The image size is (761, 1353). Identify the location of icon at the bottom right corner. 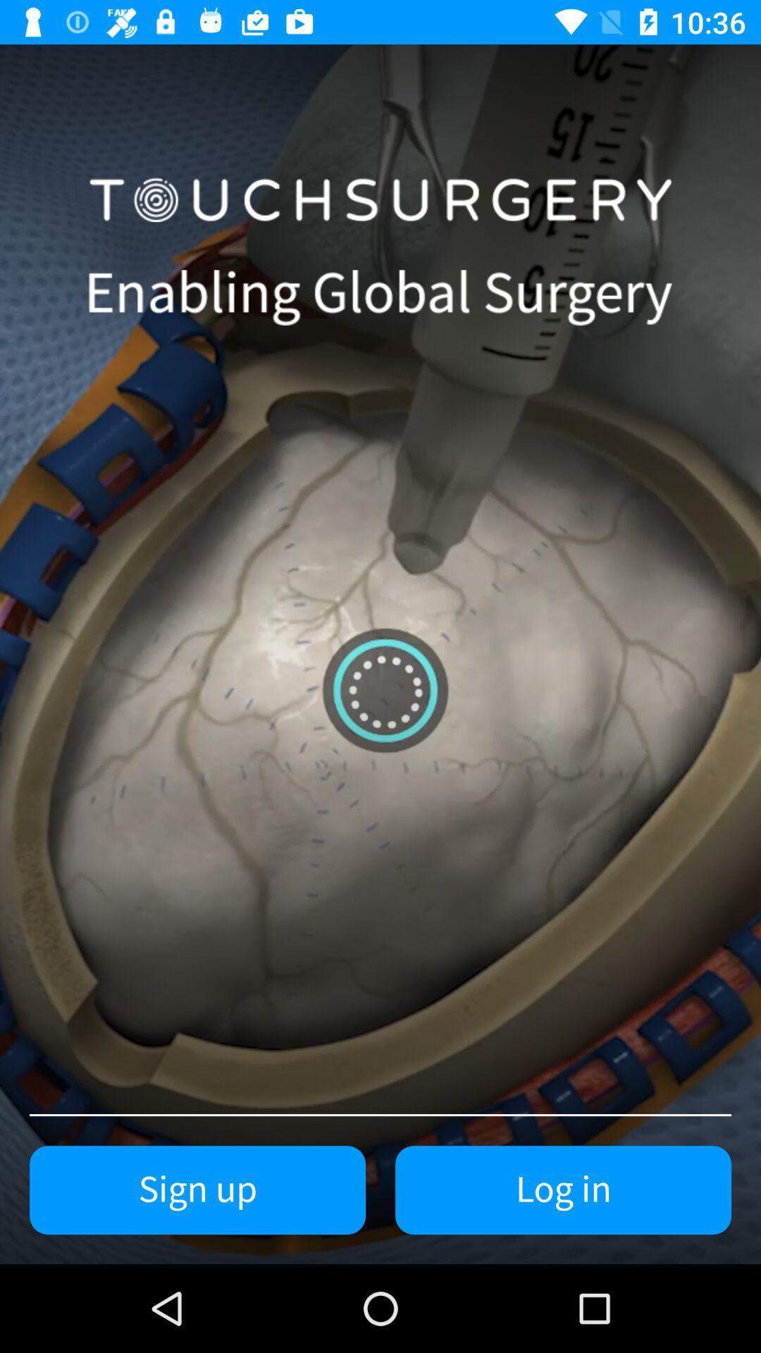
(562, 1190).